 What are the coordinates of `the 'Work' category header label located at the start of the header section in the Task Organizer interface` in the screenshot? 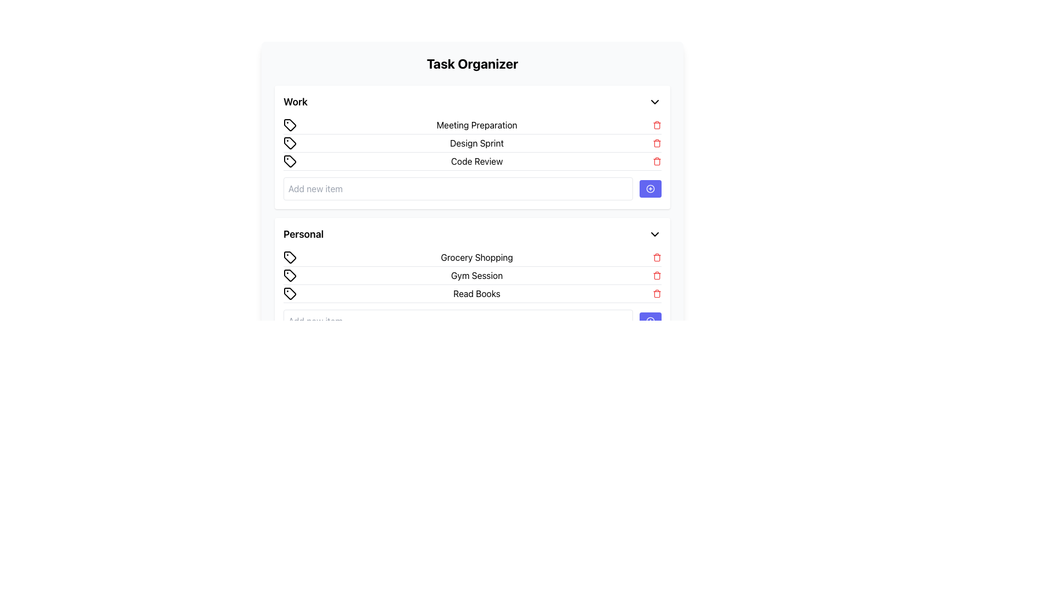 It's located at (295, 102).